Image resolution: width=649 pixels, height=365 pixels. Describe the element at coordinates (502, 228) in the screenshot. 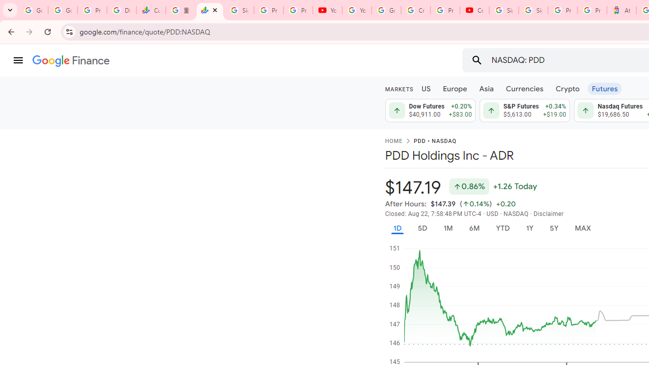

I see `'YTD'` at that location.